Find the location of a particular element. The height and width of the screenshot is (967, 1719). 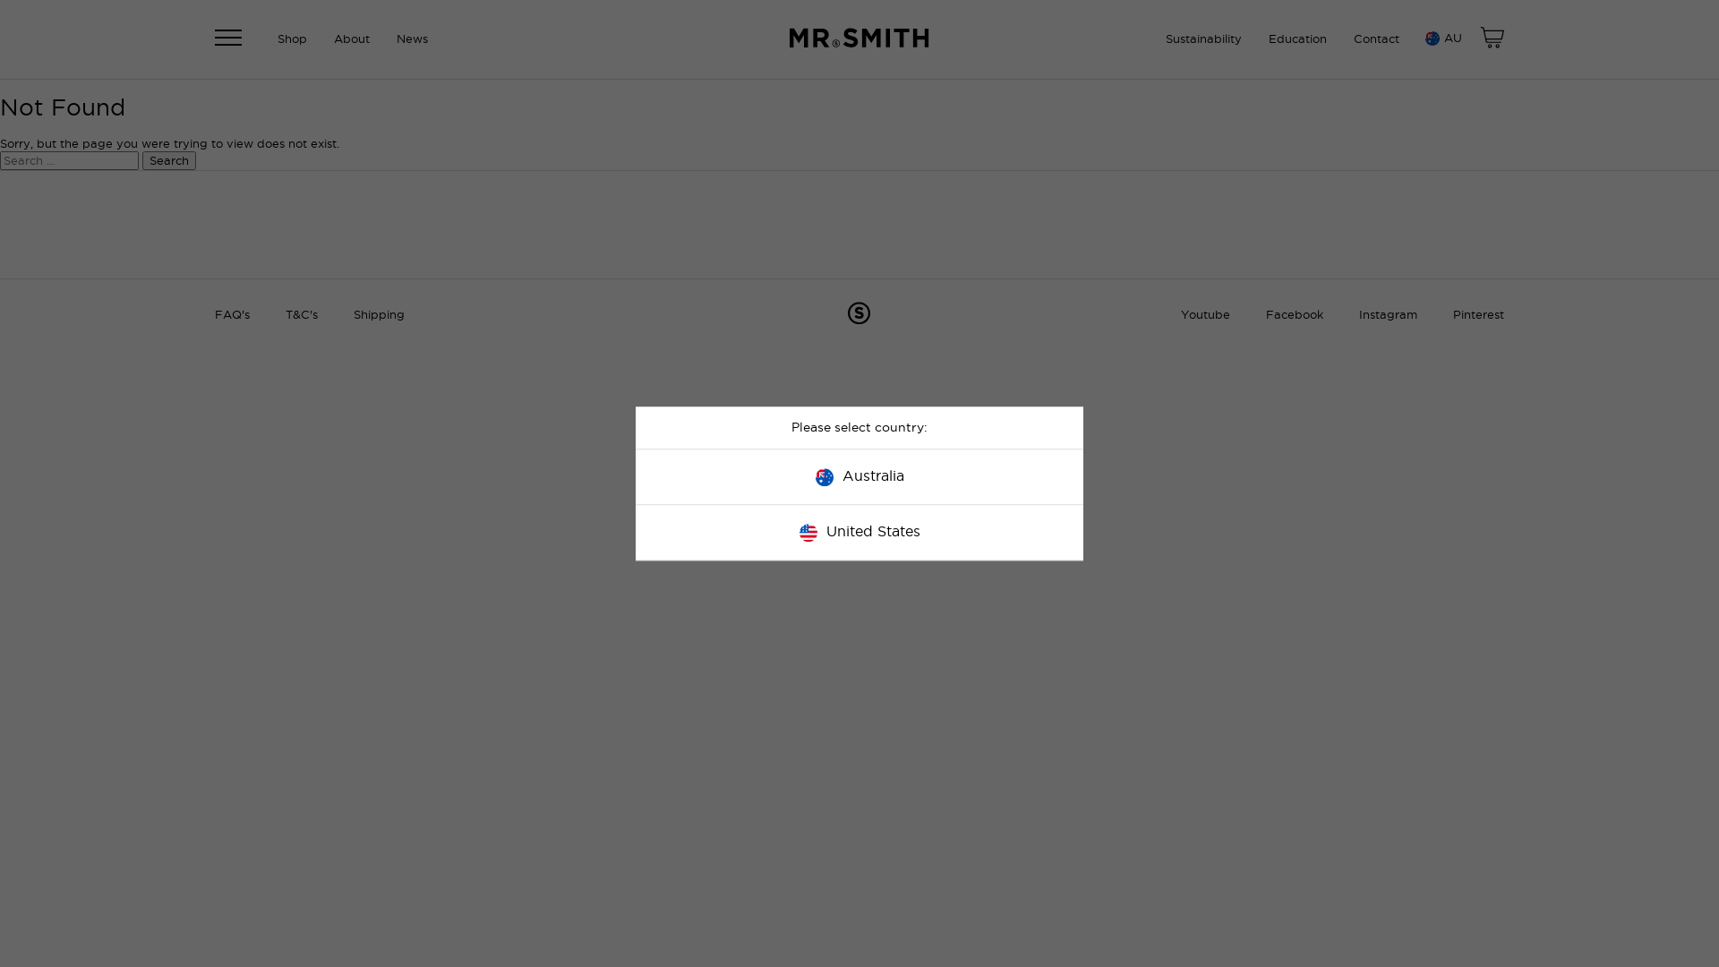

'AU' is located at coordinates (1441, 38).